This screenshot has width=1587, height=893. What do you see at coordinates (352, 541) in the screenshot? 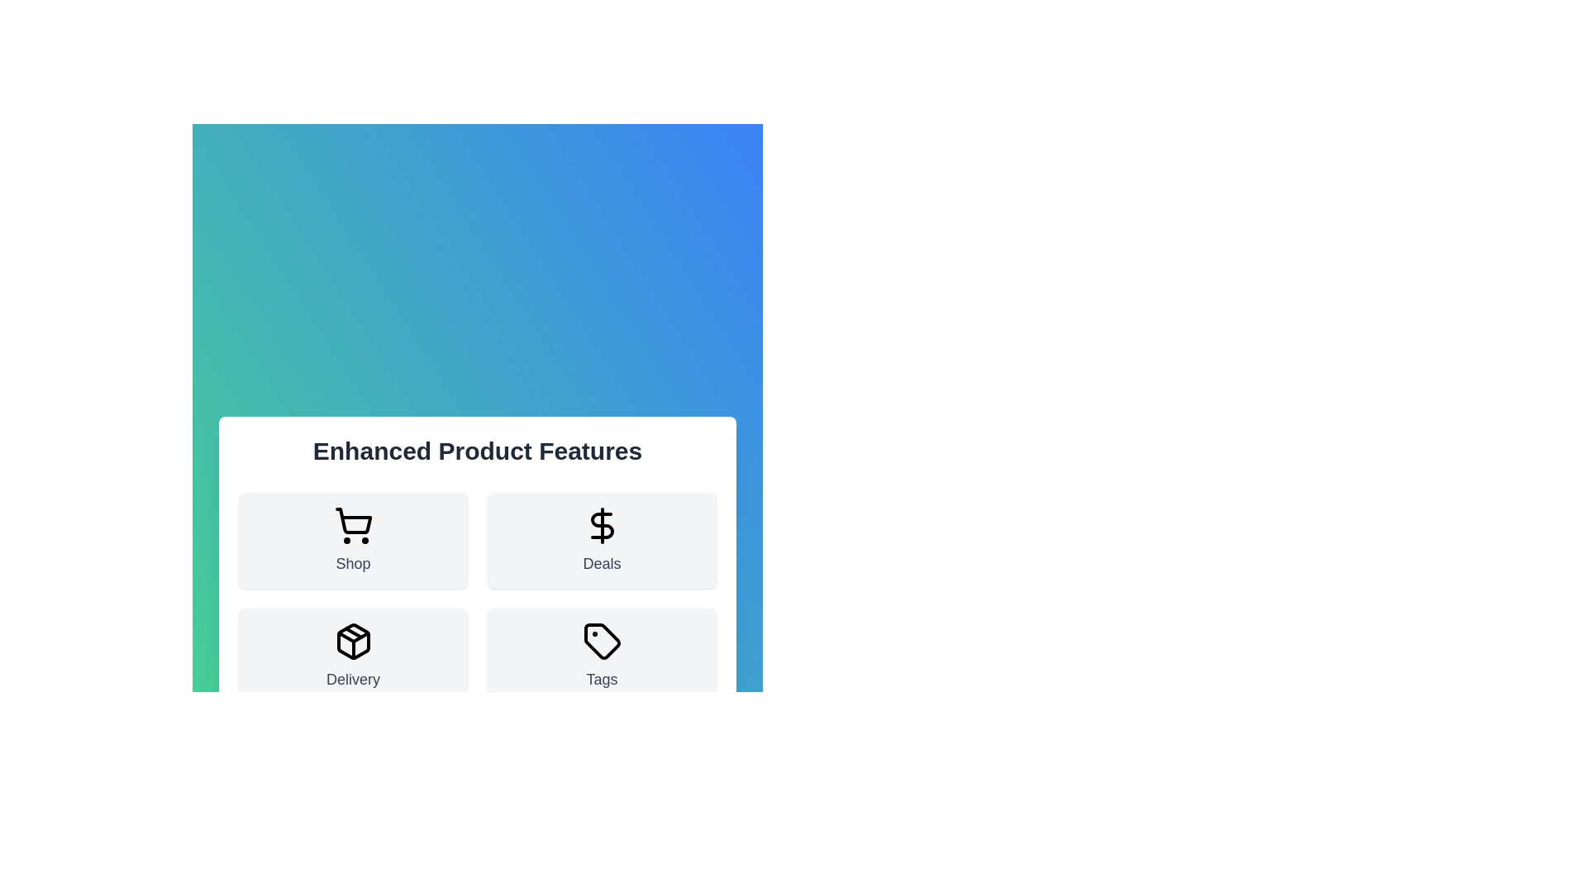
I see `the 'Shop' button, which is a rectangular button with rounded corners, light gray background, and a shopping cart icon above the text` at bounding box center [352, 541].